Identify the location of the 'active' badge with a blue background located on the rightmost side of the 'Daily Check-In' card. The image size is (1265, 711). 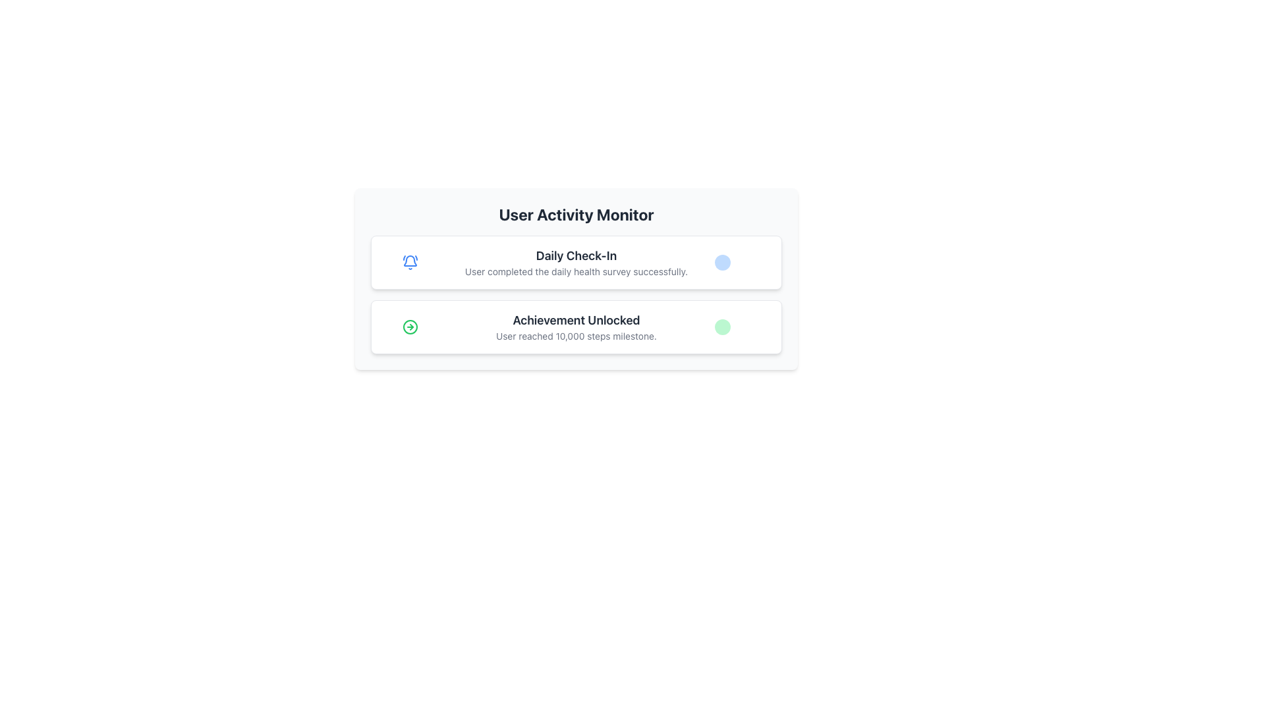
(743, 262).